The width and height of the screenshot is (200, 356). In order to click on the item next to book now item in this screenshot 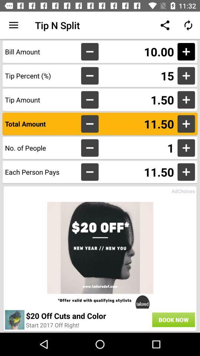, I will do `click(52, 324)`.